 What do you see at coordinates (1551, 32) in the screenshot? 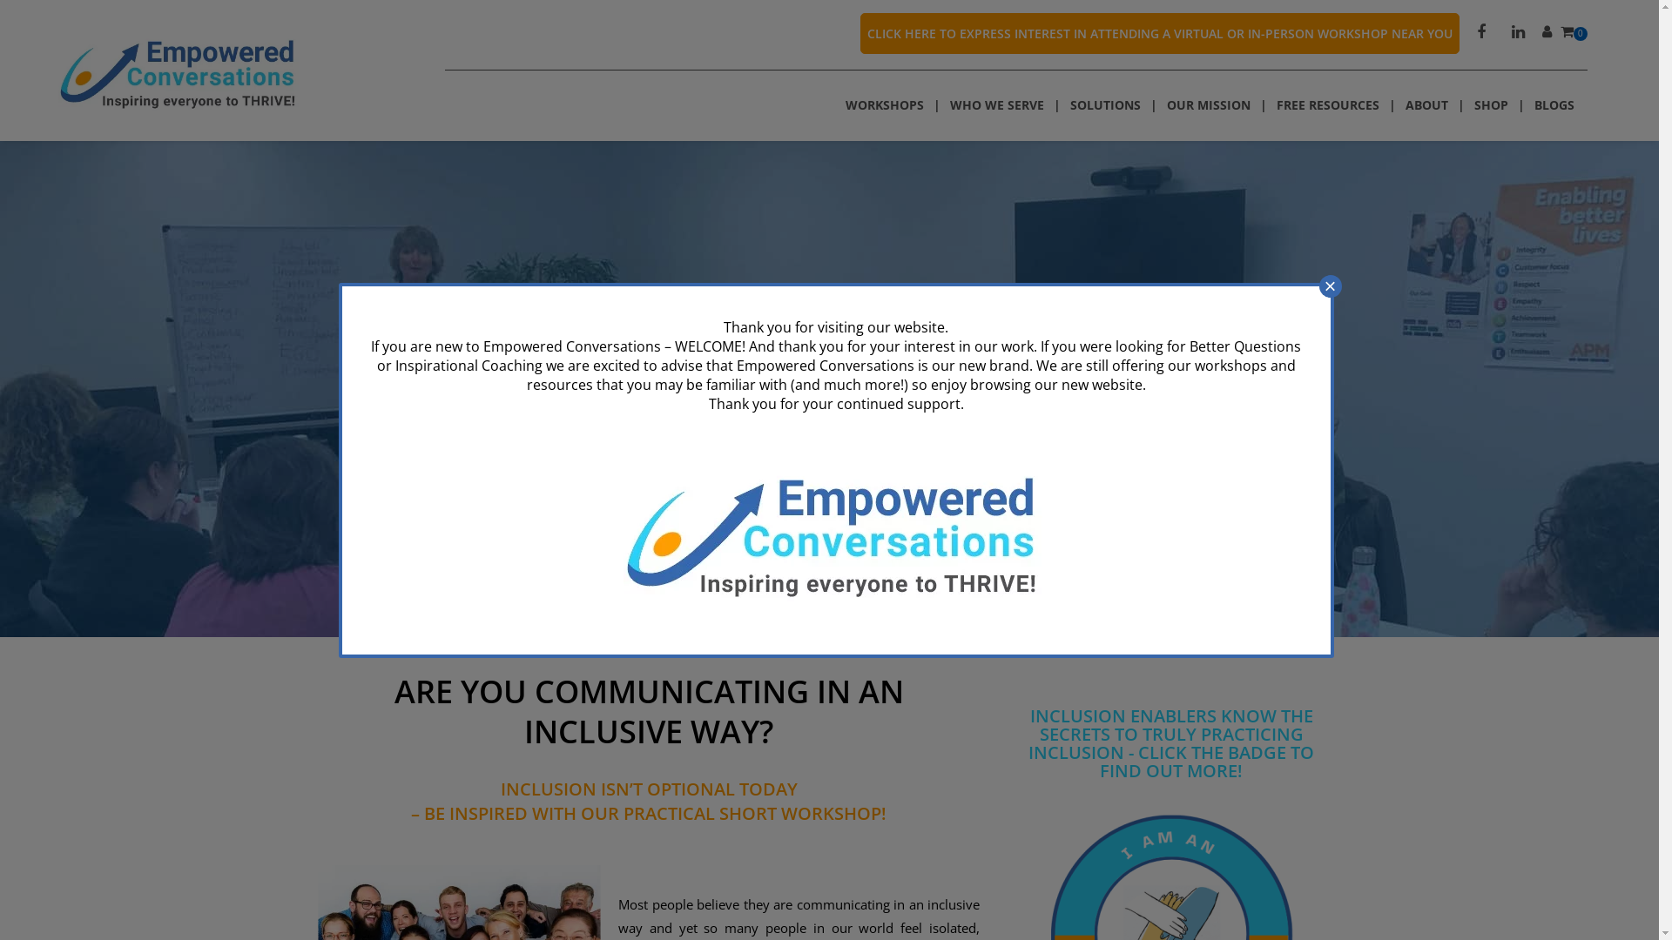
I see `'View your account'` at bounding box center [1551, 32].